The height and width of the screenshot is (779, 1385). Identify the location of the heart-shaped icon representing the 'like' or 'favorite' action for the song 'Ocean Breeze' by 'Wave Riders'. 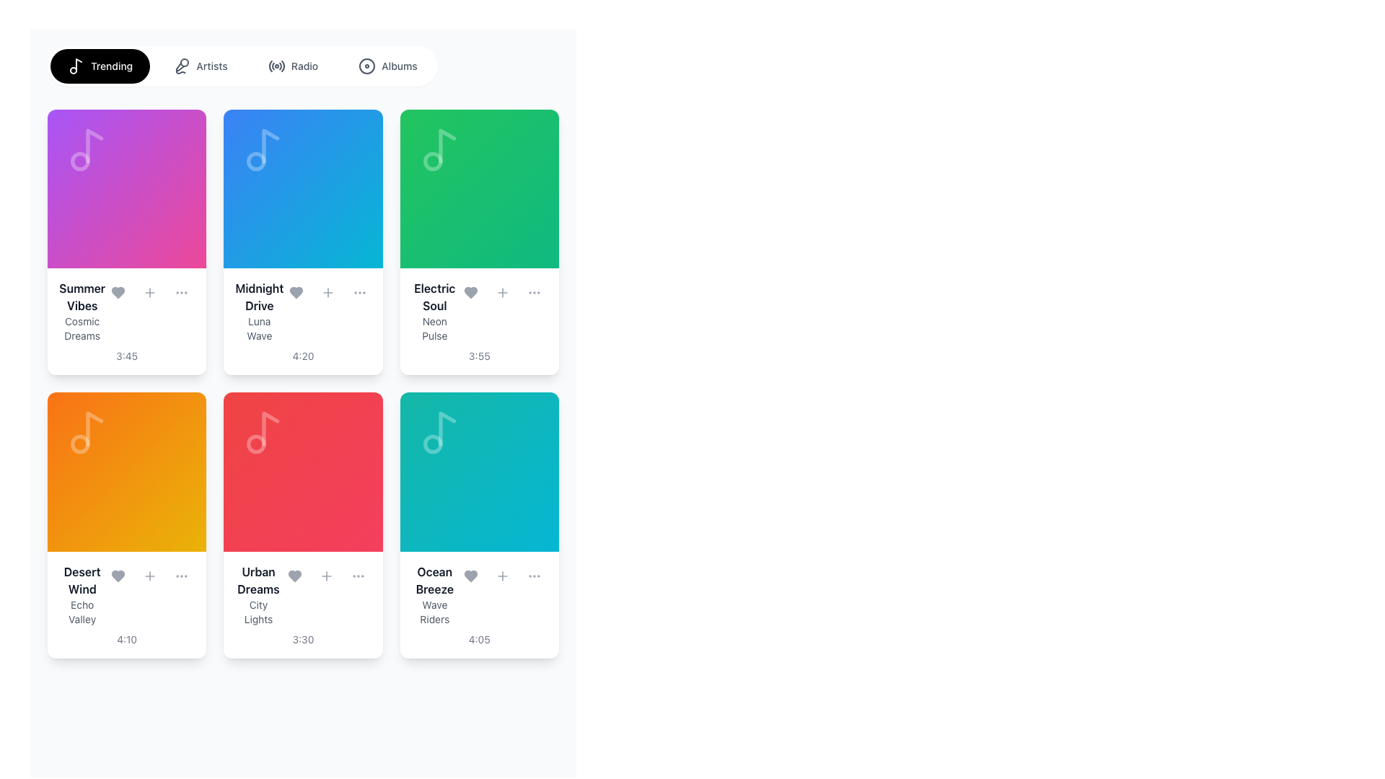
(470, 575).